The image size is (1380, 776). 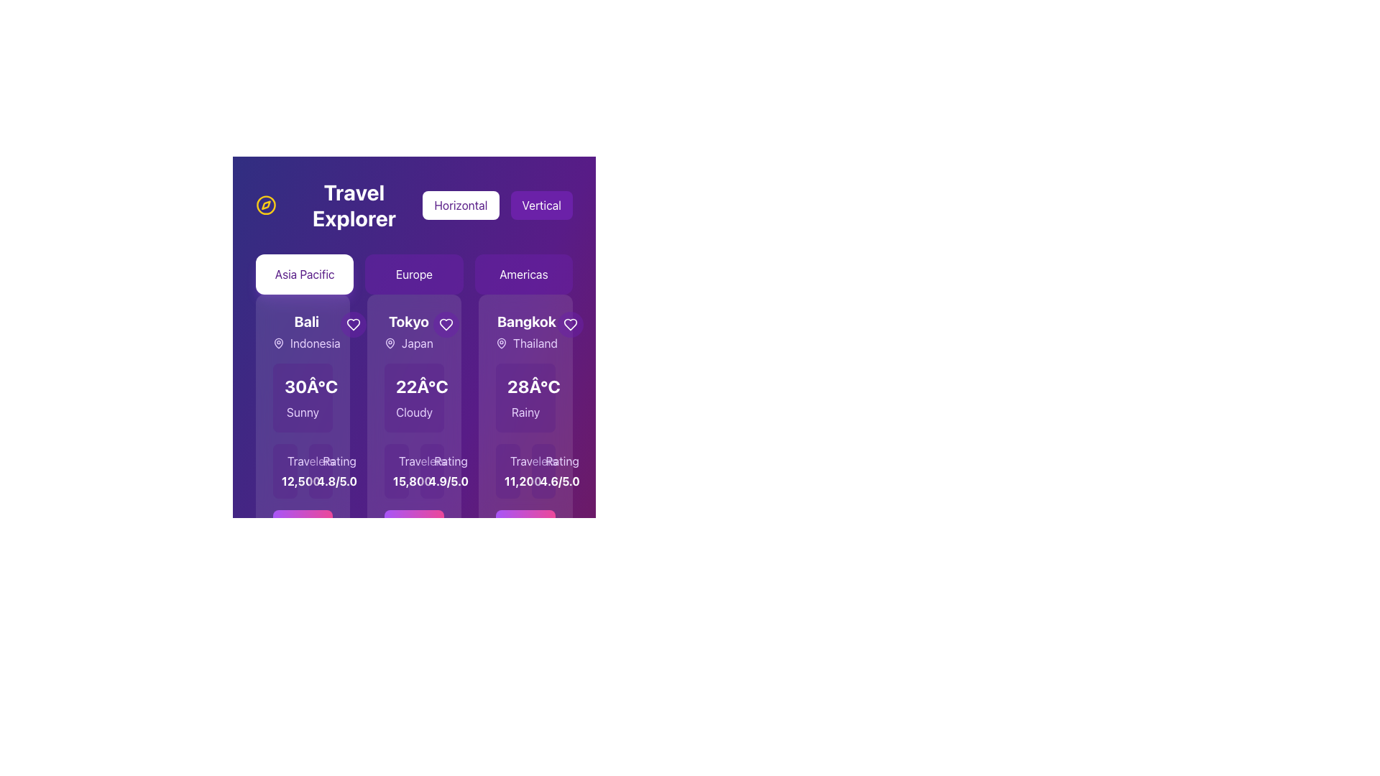 What do you see at coordinates (408, 332) in the screenshot?
I see `location information from the text-based label displaying 'Tokyo' and 'Japan' with a map pin icon, which is centrally aligned against a purple background` at bounding box center [408, 332].